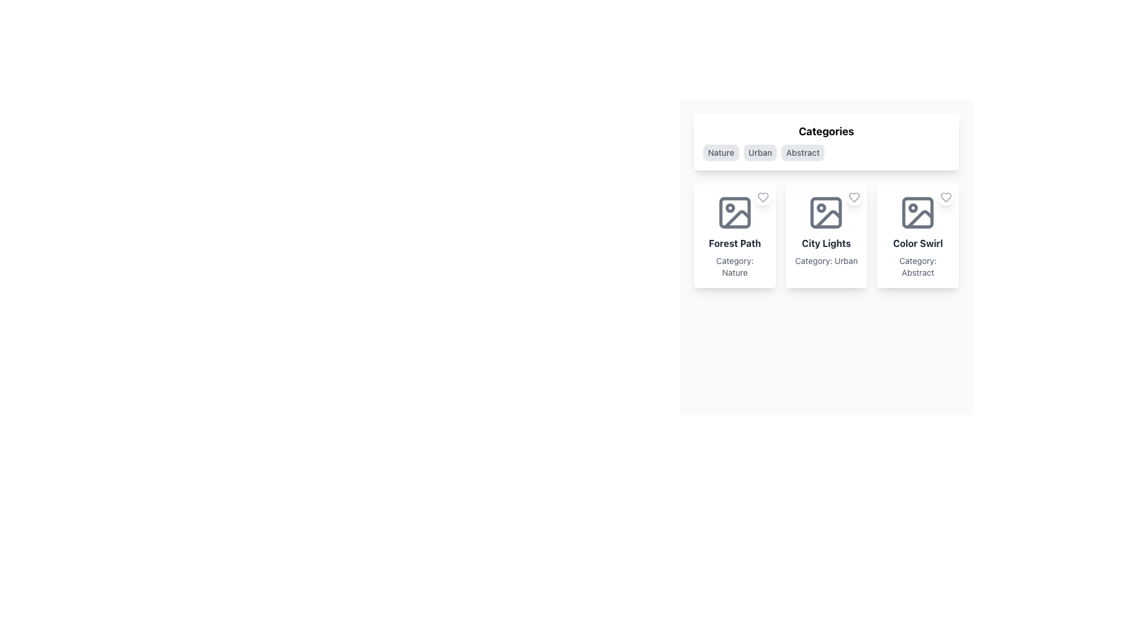 Image resolution: width=1129 pixels, height=635 pixels. What do you see at coordinates (720, 152) in the screenshot?
I see `the 'Nature' button, which is a rounded rectangle with light gray background and darker gray text` at bounding box center [720, 152].